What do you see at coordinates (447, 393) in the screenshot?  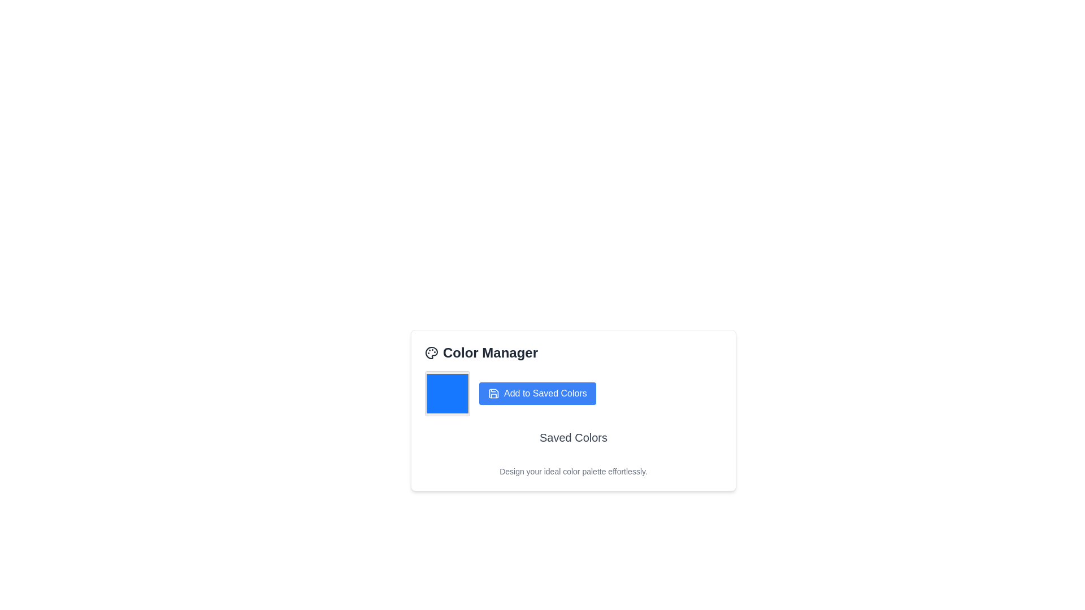 I see `the bright blue color swatch with a light gray border` at bounding box center [447, 393].